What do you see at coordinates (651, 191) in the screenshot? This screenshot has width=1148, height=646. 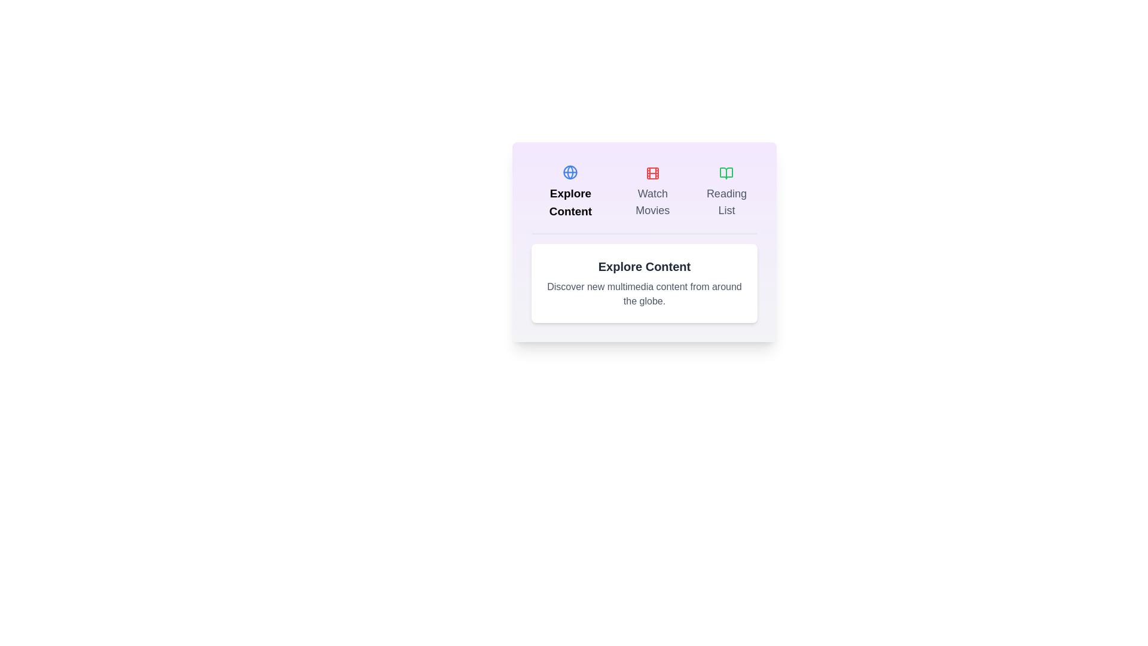 I see `the tab labeled 'Watch Movies' to switch the content` at bounding box center [651, 191].